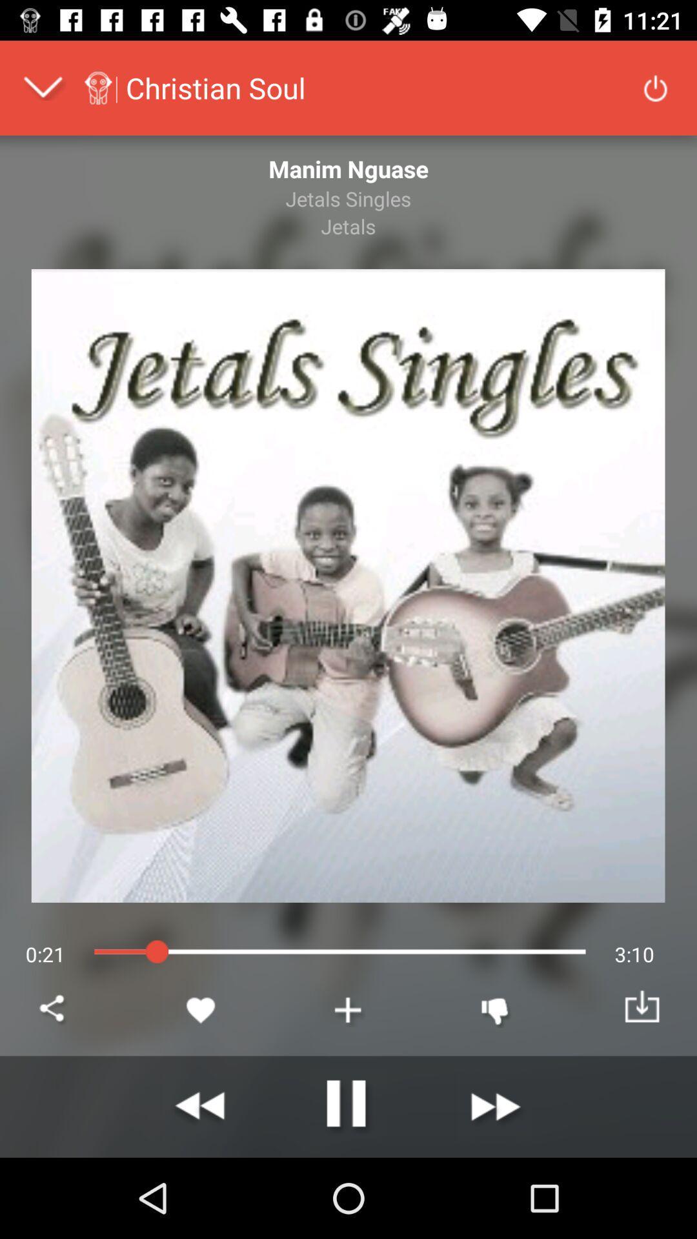 This screenshot has width=697, height=1239. What do you see at coordinates (54, 1009) in the screenshot?
I see `the share icon` at bounding box center [54, 1009].